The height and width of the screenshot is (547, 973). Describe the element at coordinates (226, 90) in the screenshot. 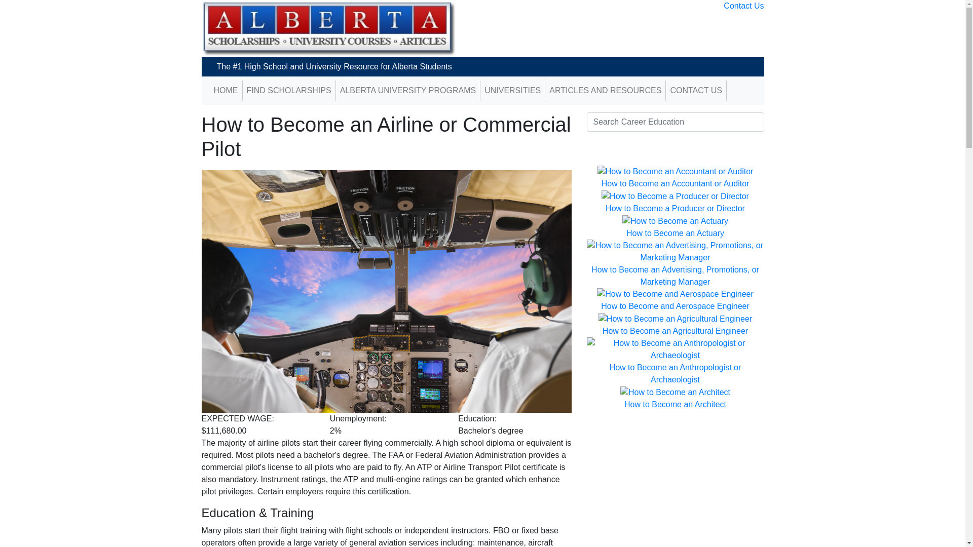

I see `'HOME'` at that location.